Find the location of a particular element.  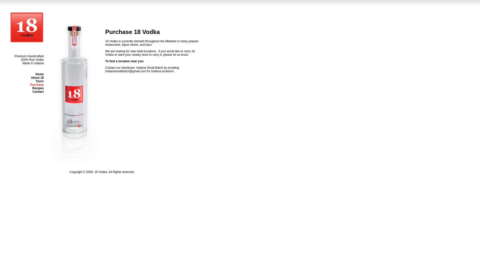

'Home' is located at coordinates (39, 74).